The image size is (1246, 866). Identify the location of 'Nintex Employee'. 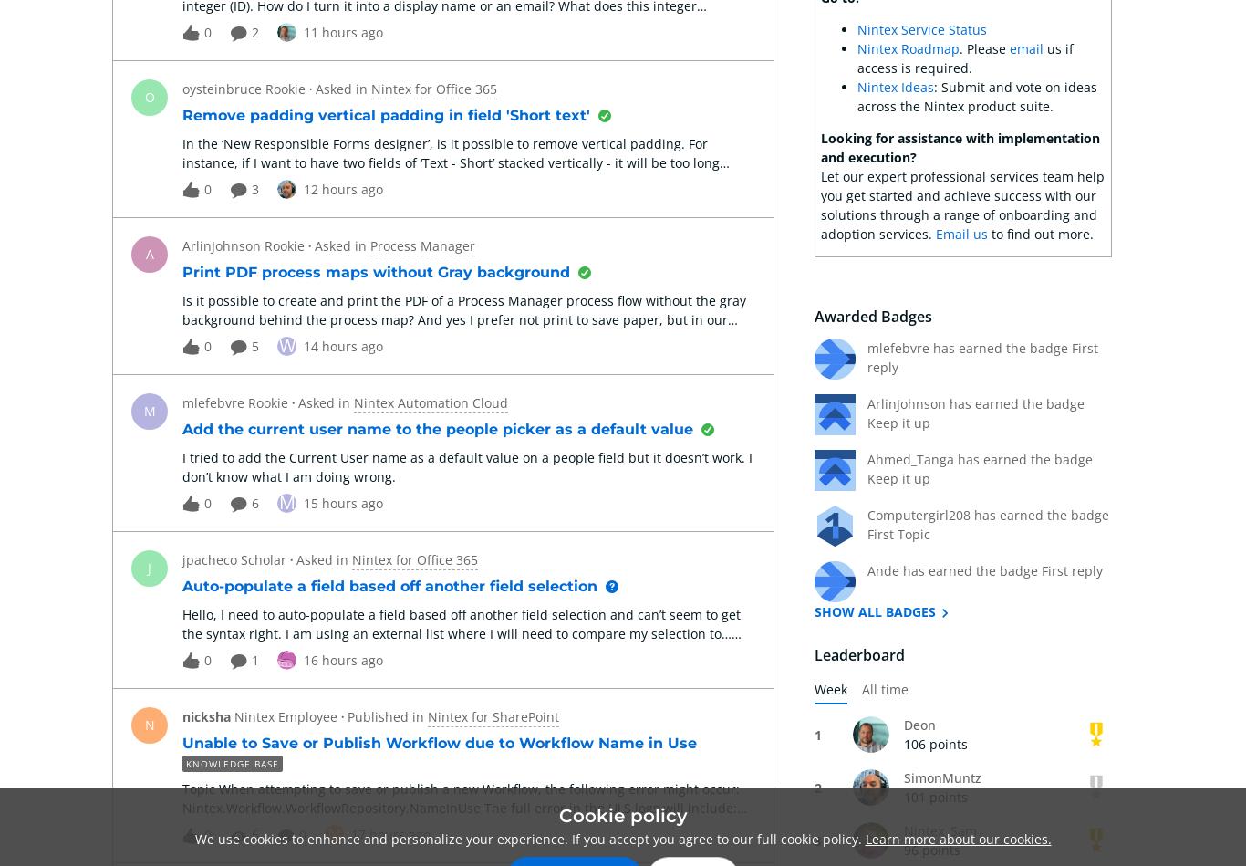
(286, 715).